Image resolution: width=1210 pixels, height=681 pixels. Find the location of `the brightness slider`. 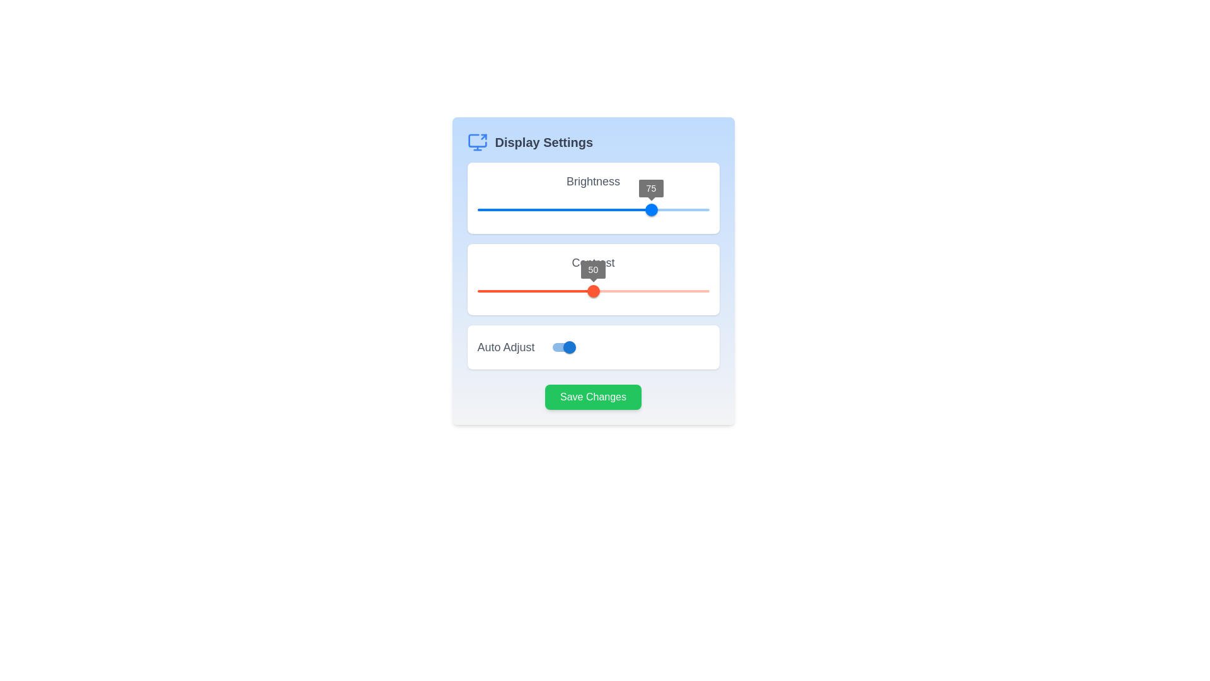

the brightness slider is located at coordinates (542, 209).